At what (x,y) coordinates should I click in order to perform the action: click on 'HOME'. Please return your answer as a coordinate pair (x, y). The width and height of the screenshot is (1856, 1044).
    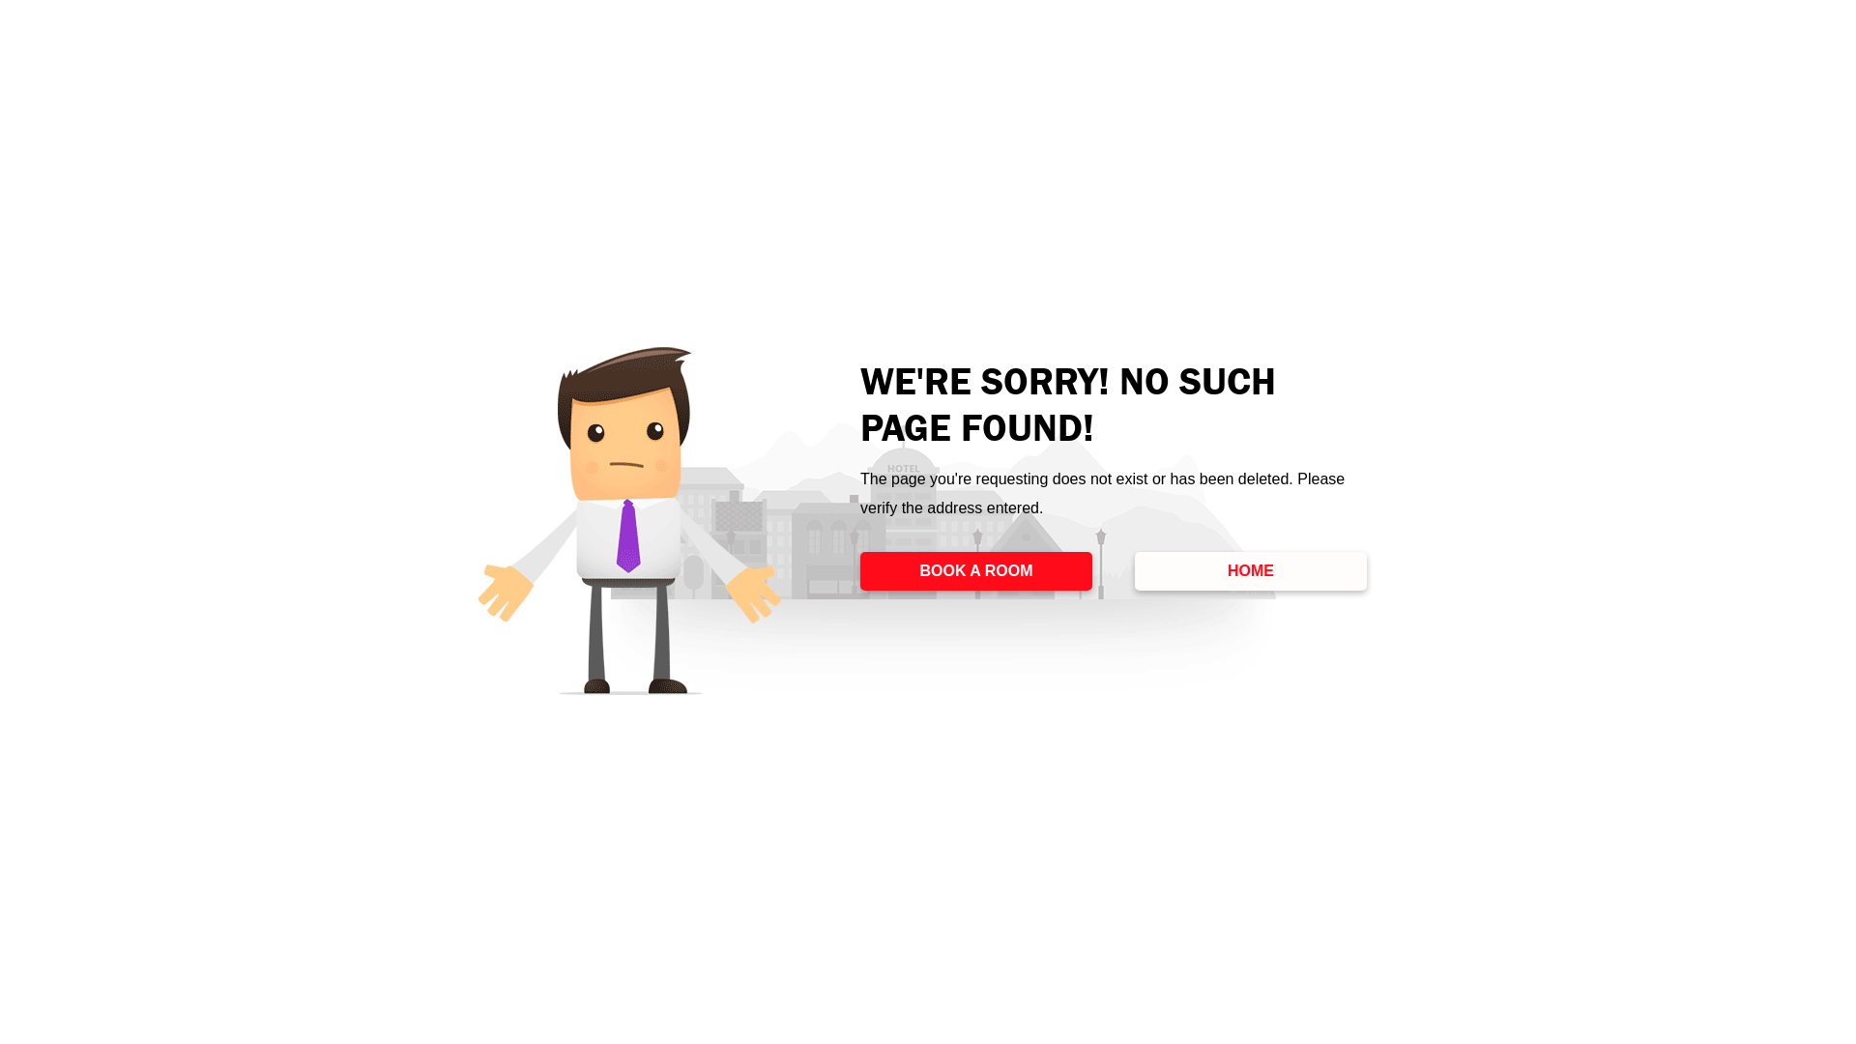
    Looking at the image, I should click on (1135, 569).